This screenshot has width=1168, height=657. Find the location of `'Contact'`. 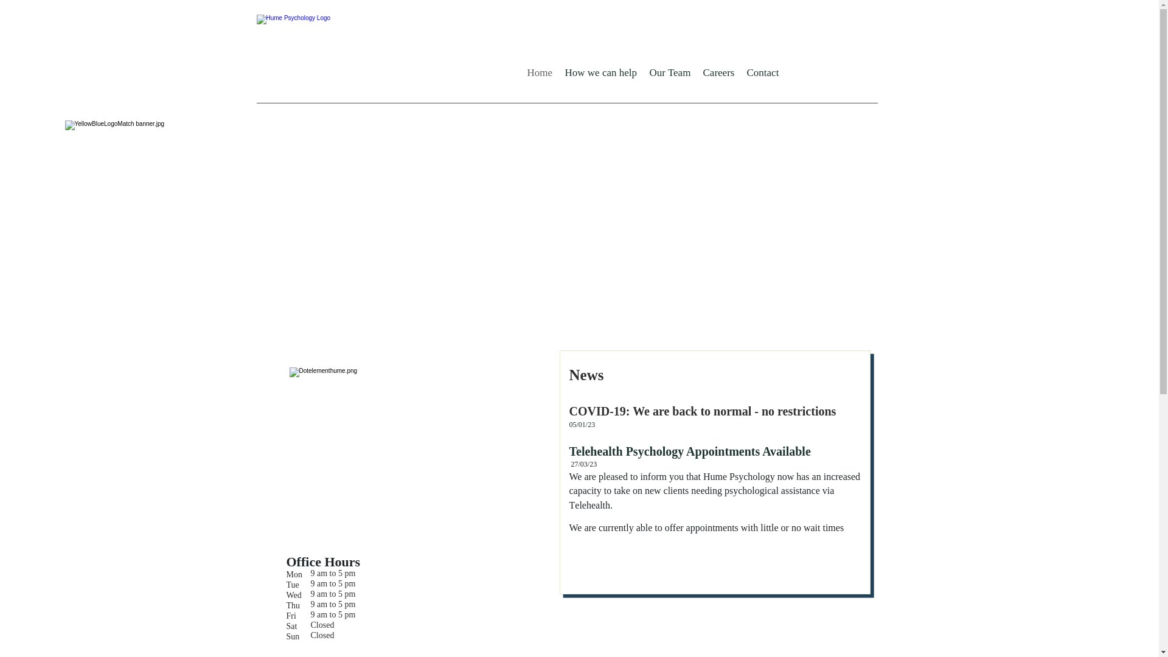

'Contact' is located at coordinates (762, 72).